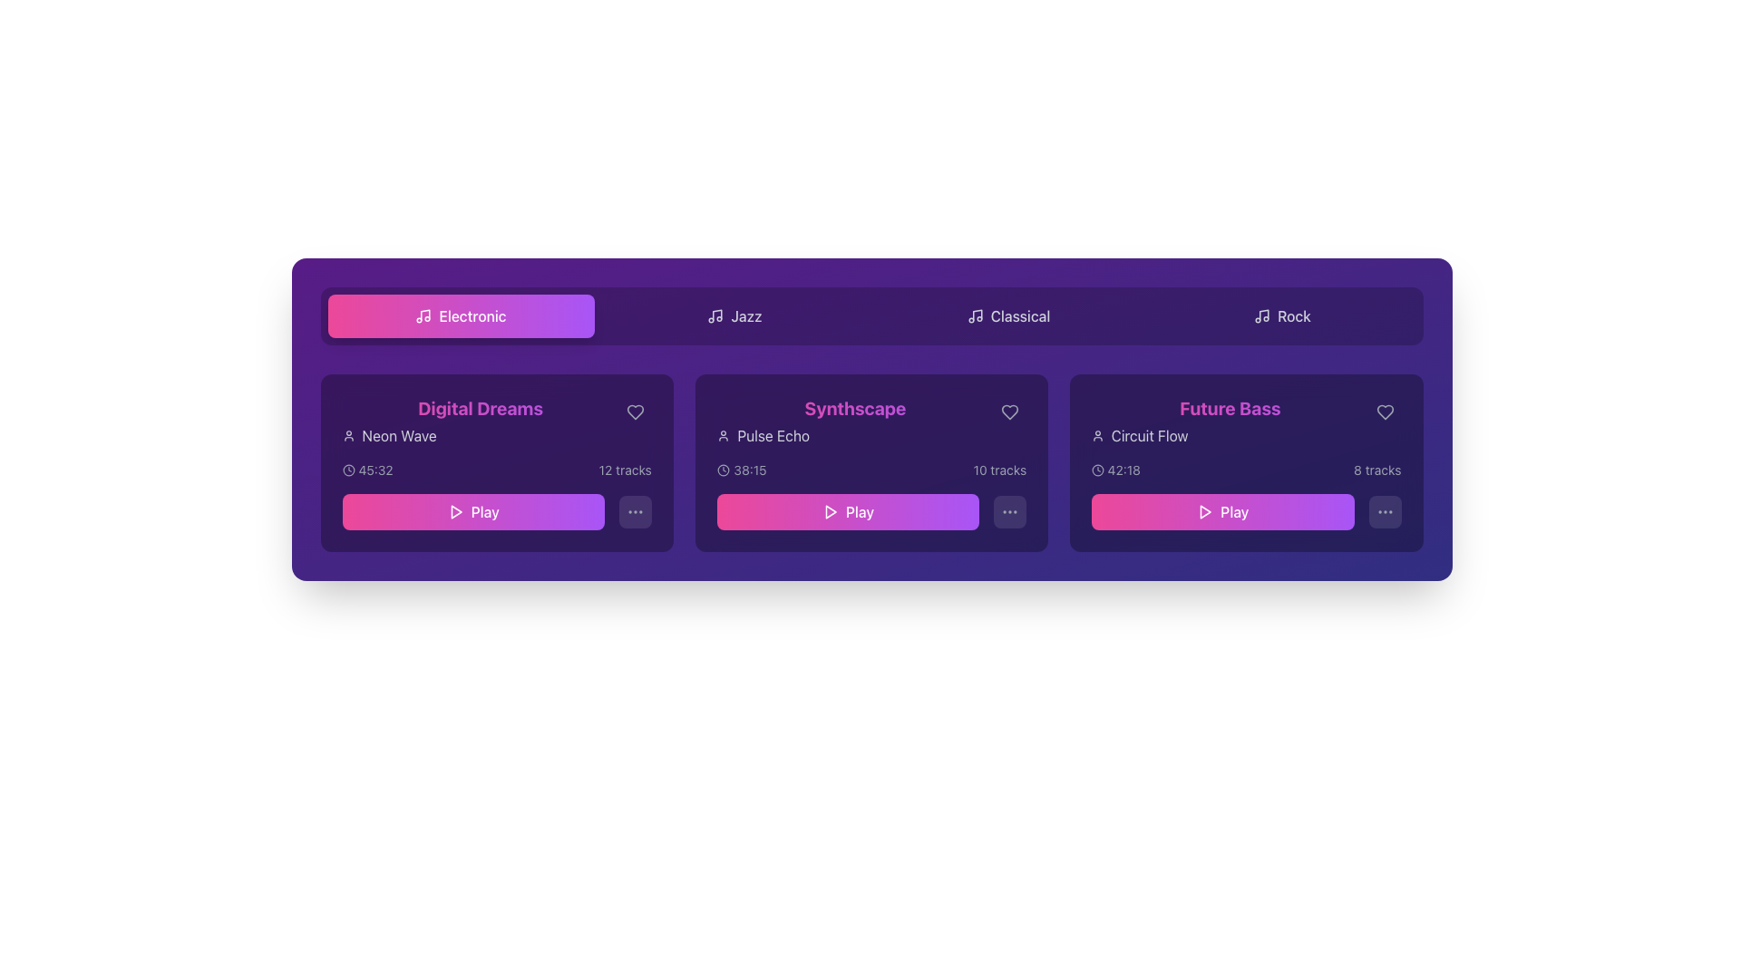  What do you see at coordinates (1097, 470) in the screenshot?
I see `the decorative circle element that is part of the clock icon, located near the text '42:18' within the 'Future Bass' card` at bounding box center [1097, 470].